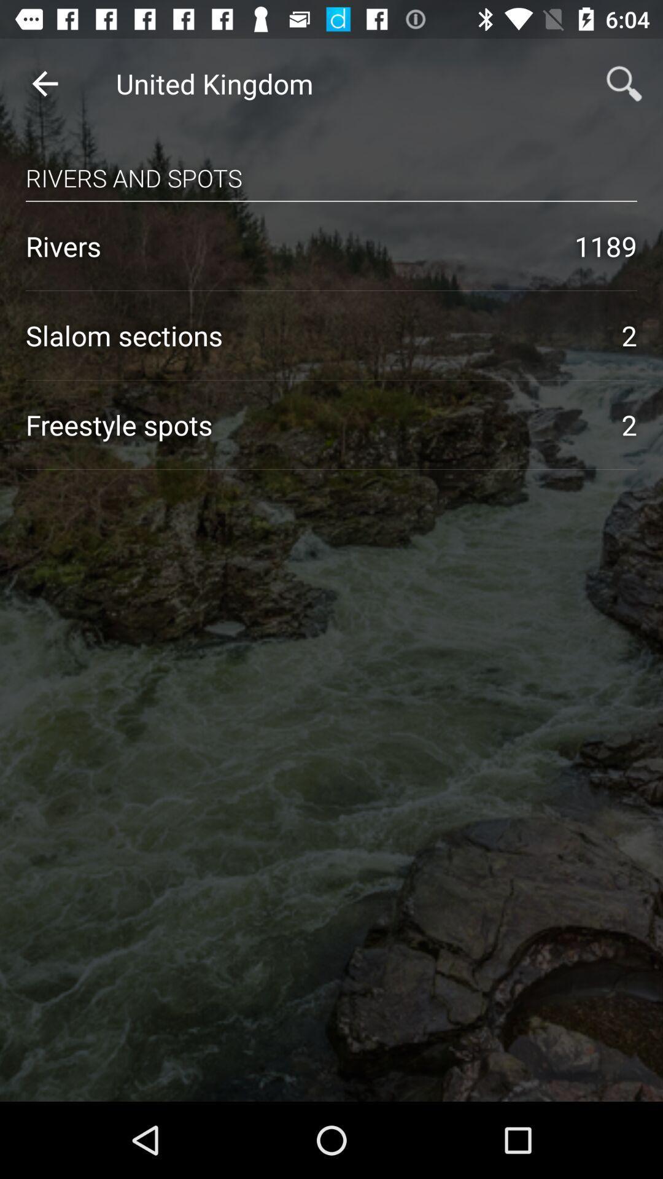 This screenshot has height=1179, width=663. Describe the element at coordinates (310, 335) in the screenshot. I see `the item to the left of 2` at that location.